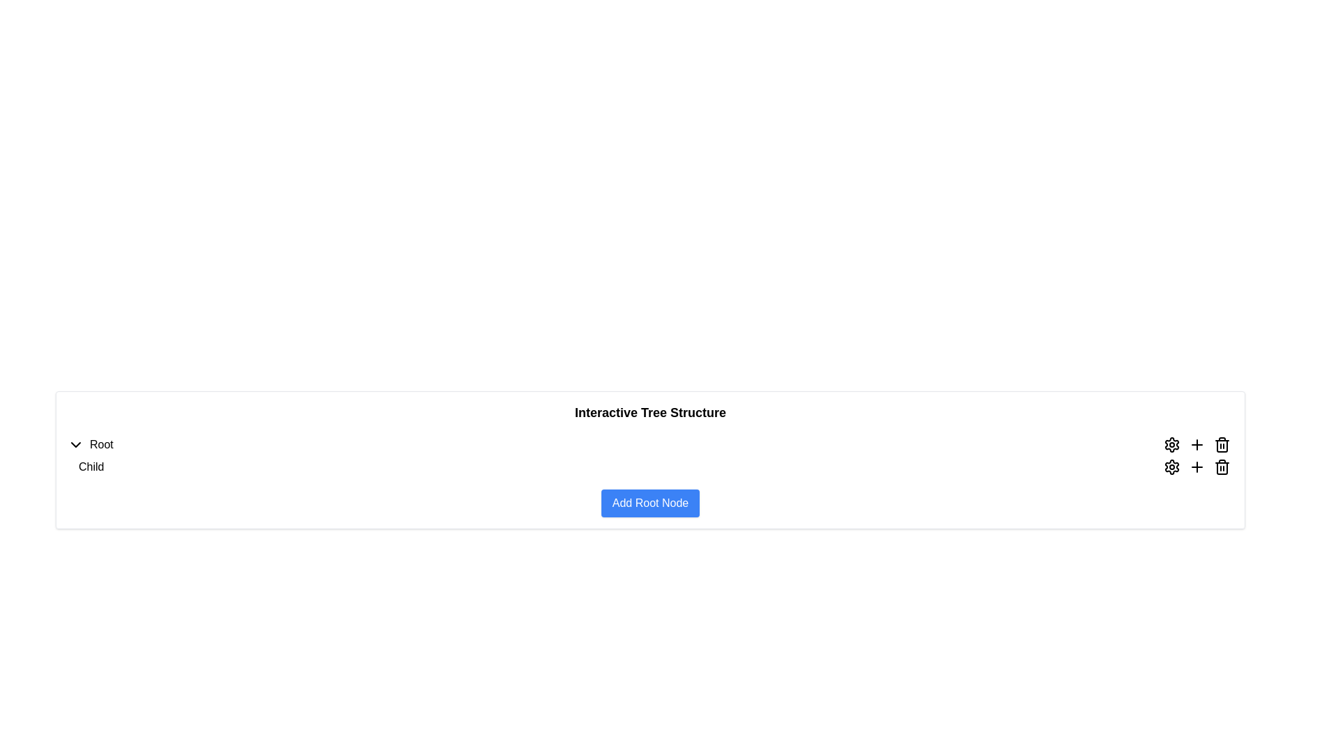  I want to click on the cogwheel icon button in the top-right section of the interface, so click(1171, 467).